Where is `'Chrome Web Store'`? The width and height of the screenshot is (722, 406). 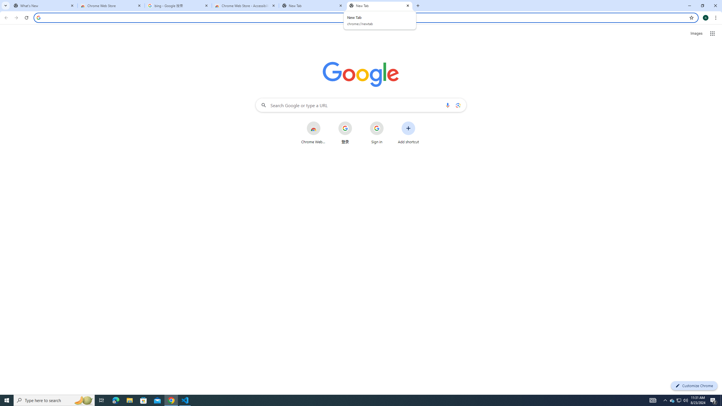 'Chrome Web Store' is located at coordinates (111, 5).